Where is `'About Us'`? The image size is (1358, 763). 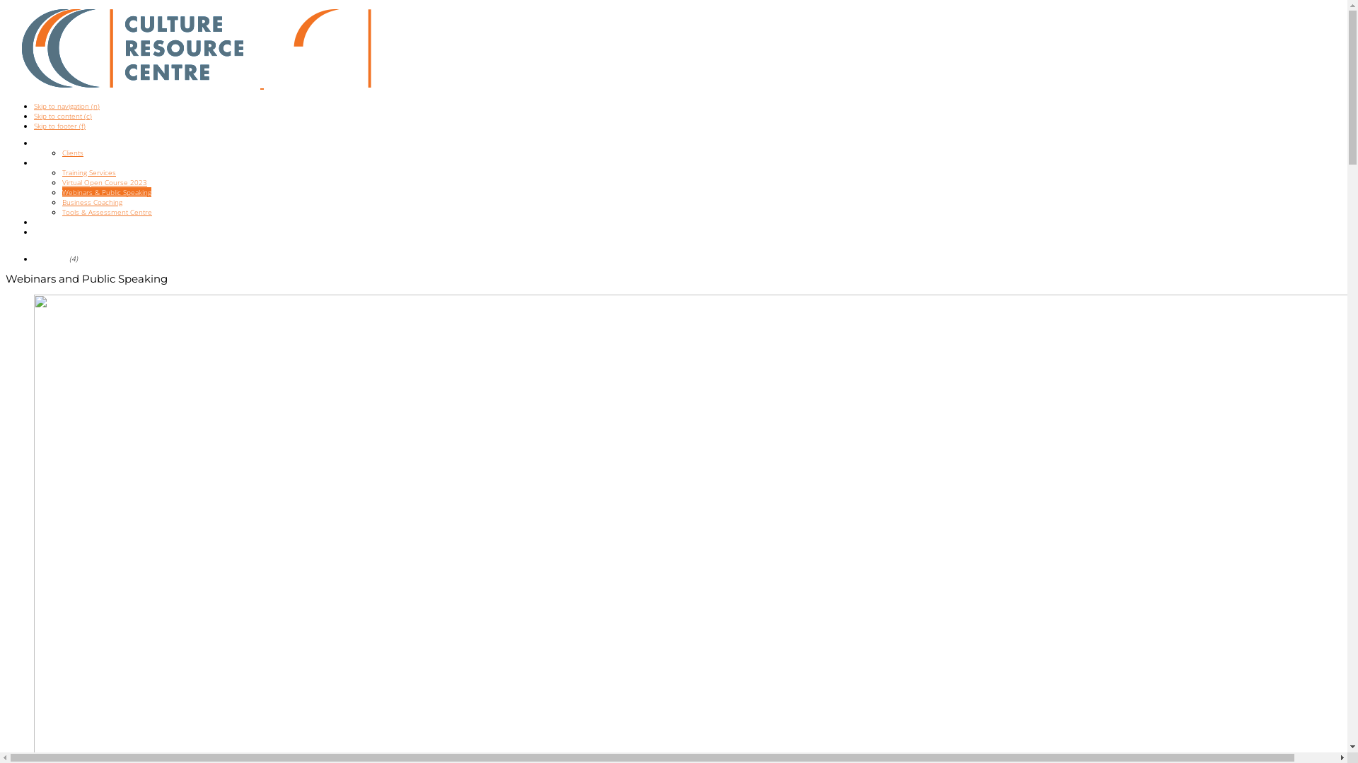 'About Us' is located at coordinates (48, 142).